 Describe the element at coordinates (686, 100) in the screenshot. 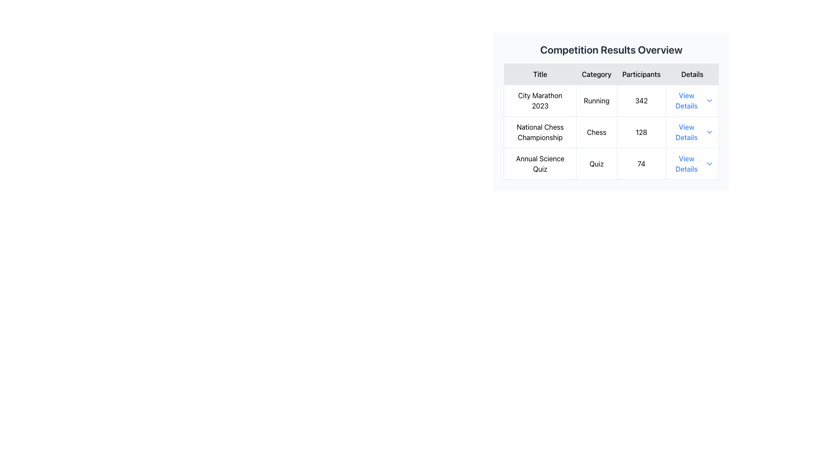

I see `the 'View Details' link in the 'Details' column of the 'City Marathon 2023' row within the 'Competition Results Overview' table` at that location.